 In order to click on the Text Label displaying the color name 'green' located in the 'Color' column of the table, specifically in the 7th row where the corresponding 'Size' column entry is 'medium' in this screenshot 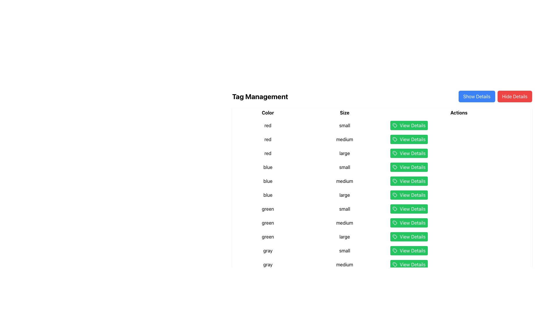, I will do `click(267, 222)`.